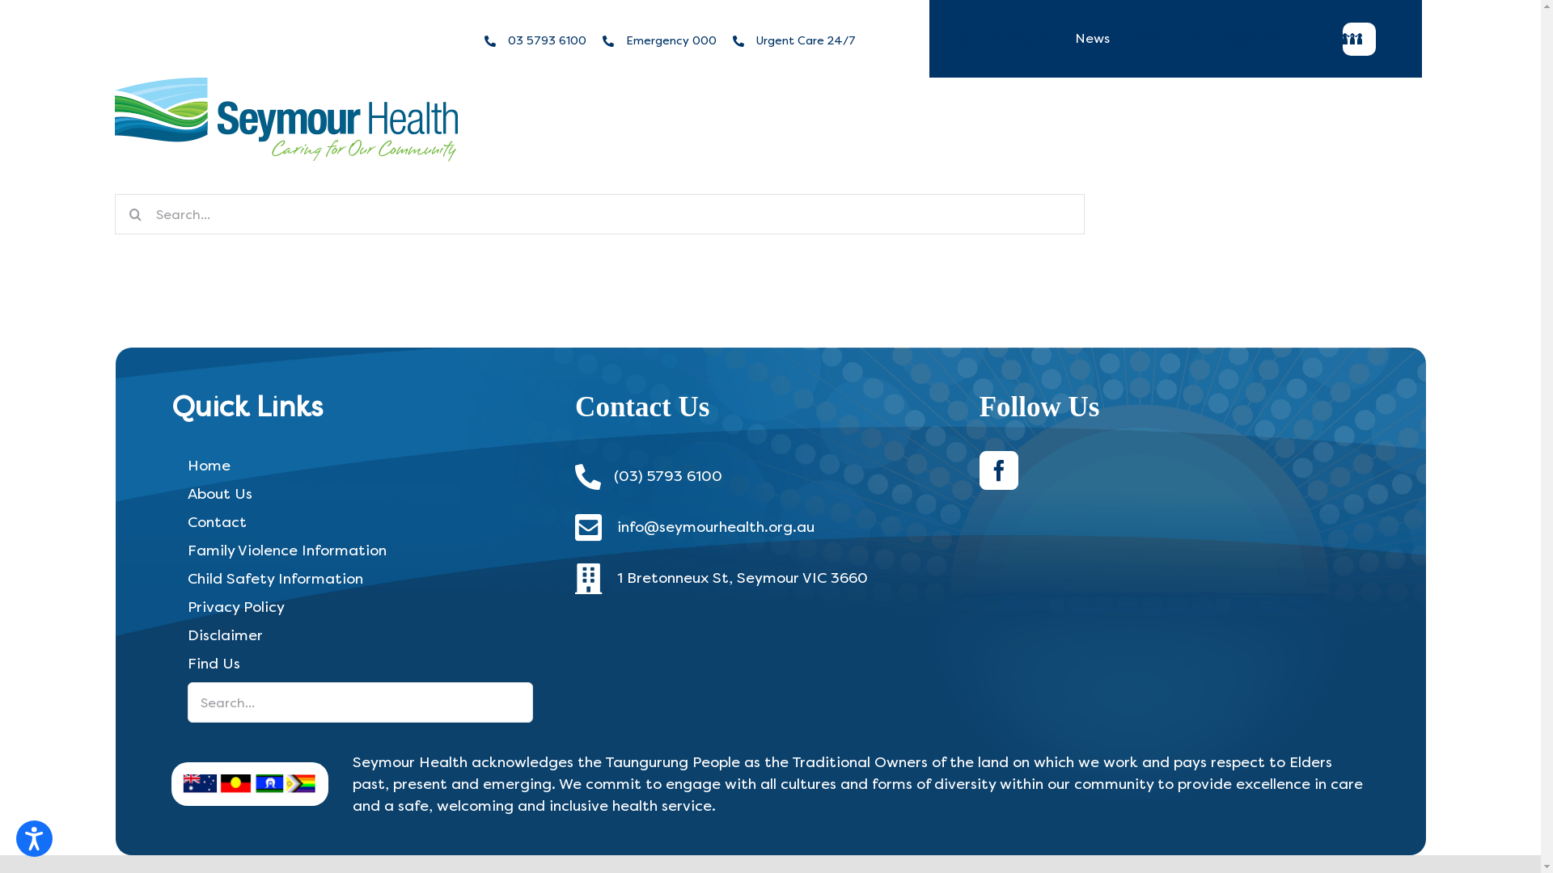  Describe the element at coordinates (547, 40) in the screenshot. I see `'03 5793 6100'` at that location.